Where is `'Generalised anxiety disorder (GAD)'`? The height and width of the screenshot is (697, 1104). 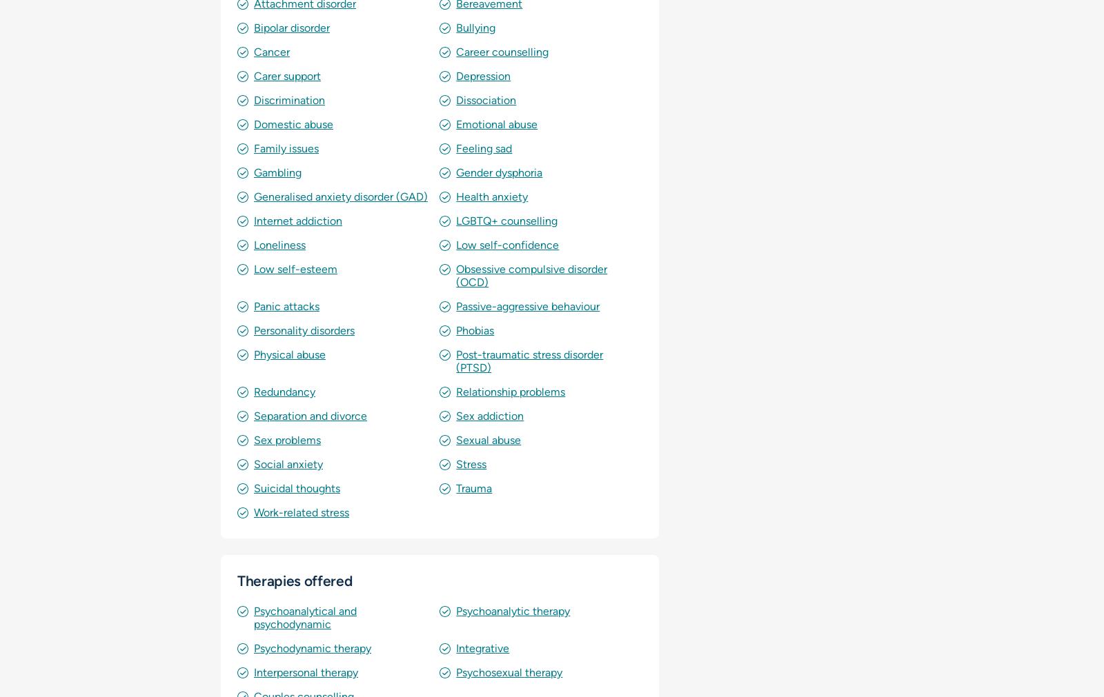
'Generalised anxiety disorder (GAD)' is located at coordinates (254, 196).